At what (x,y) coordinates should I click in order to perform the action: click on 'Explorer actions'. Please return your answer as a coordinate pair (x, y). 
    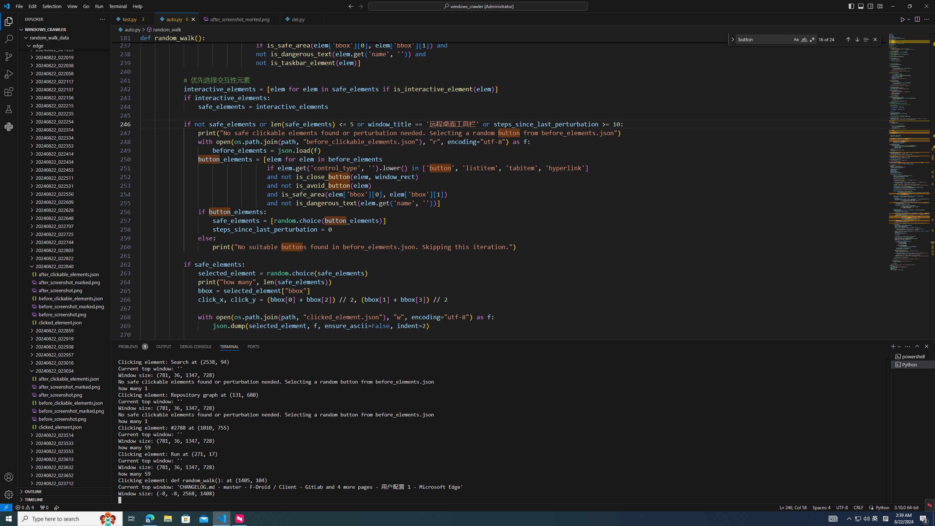
    Looking at the image, I should click on (76, 19).